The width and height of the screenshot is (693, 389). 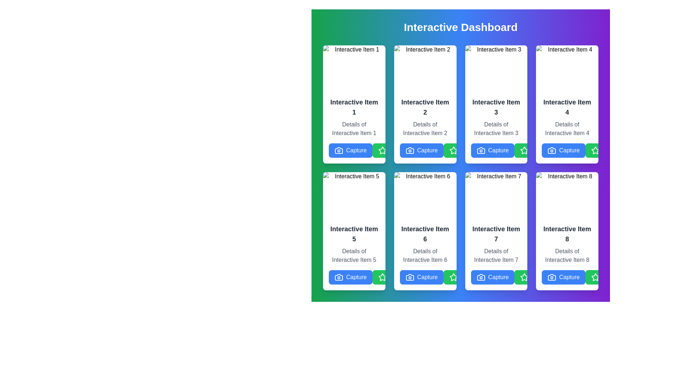 What do you see at coordinates (496, 195) in the screenshot?
I see `the image element displaying 'Item 7', which is part of the card labeled 'Interactive Item 7' located in the second row, third column of the grid layout` at bounding box center [496, 195].